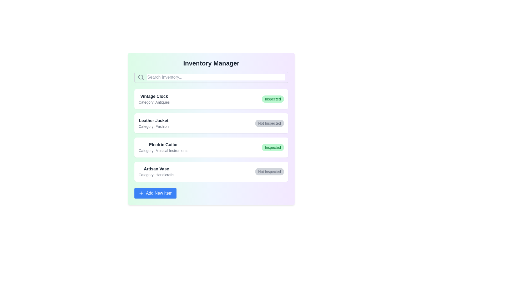  What do you see at coordinates (211, 123) in the screenshot?
I see `the item Leather Jacket to explore its hover effects` at bounding box center [211, 123].